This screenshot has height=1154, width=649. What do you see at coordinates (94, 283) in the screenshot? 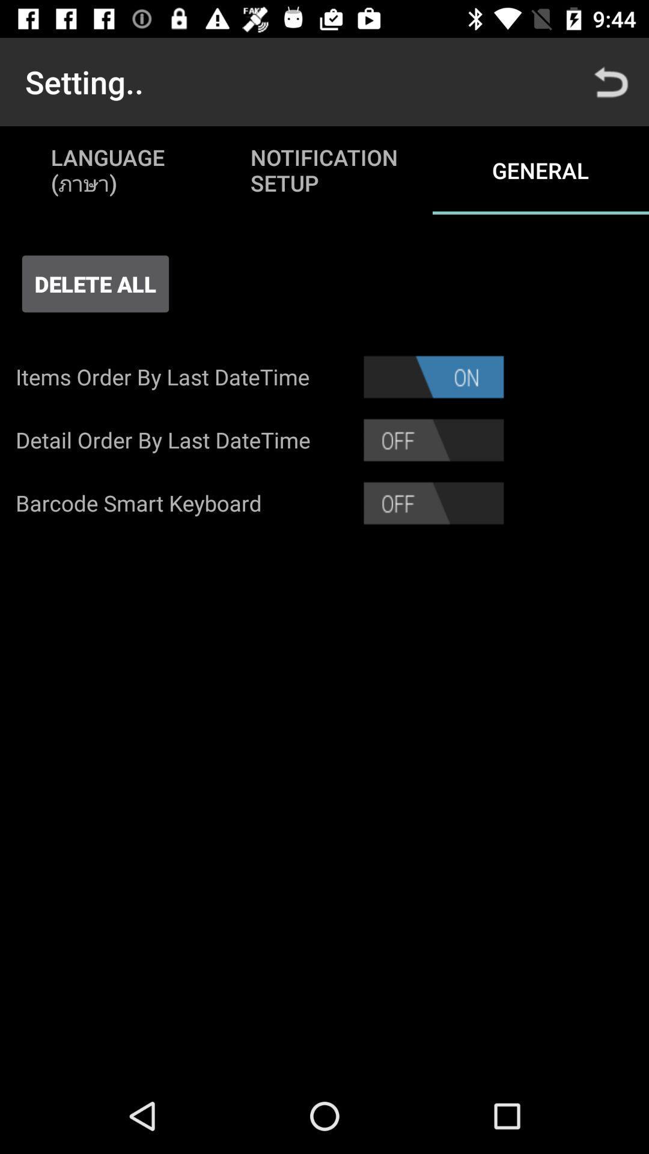
I see `delete all button` at bounding box center [94, 283].